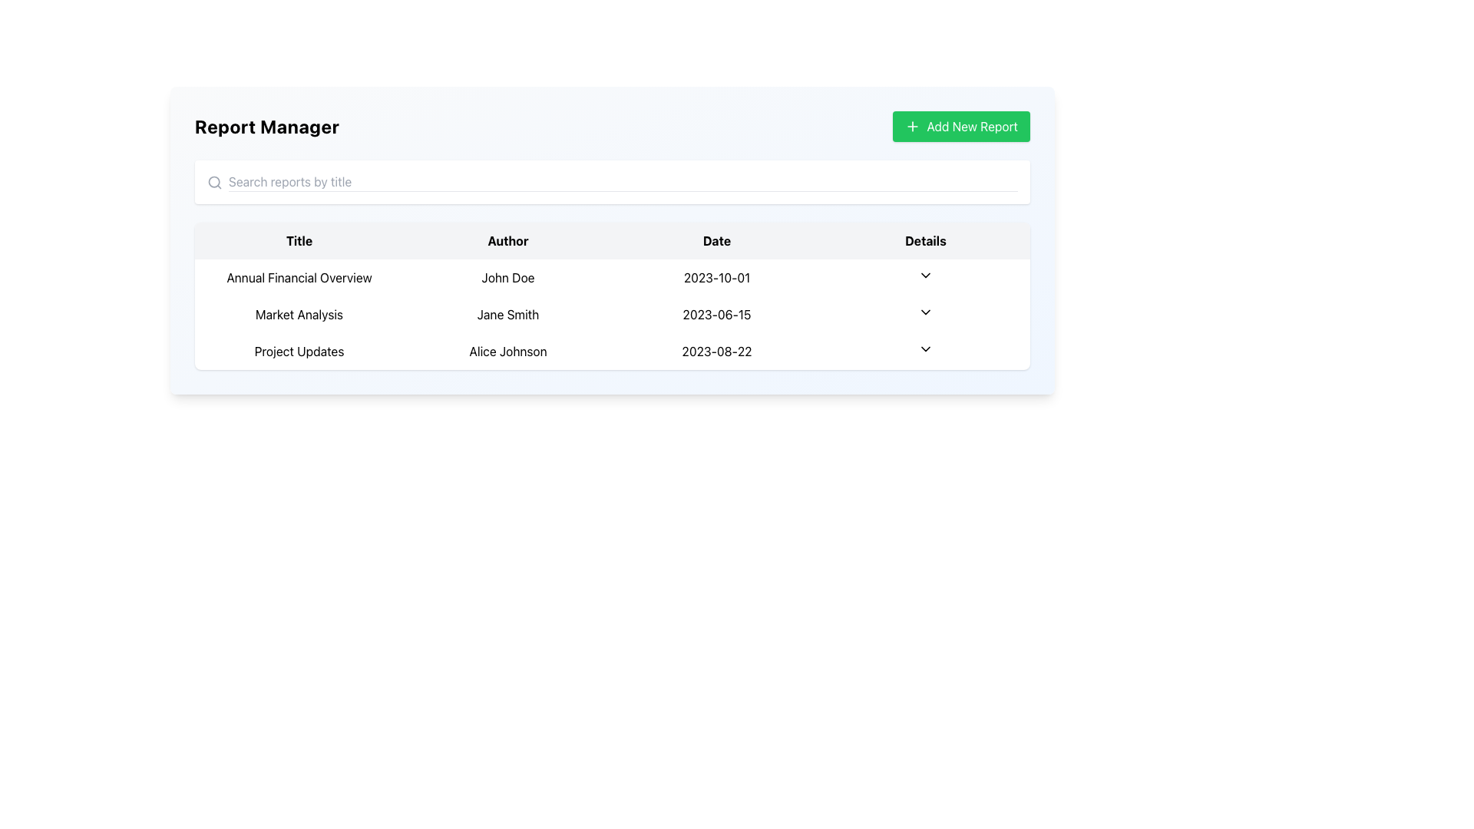 The image size is (1474, 829). Describe the element at coordinates (299, 352) in the screenshot. I see `the 'Project Updates' text label element located in the 'Title' column of the table, which is in the third data row, next to the author name 'Alice Johnson' and the date '2023-08-22'` at that location.